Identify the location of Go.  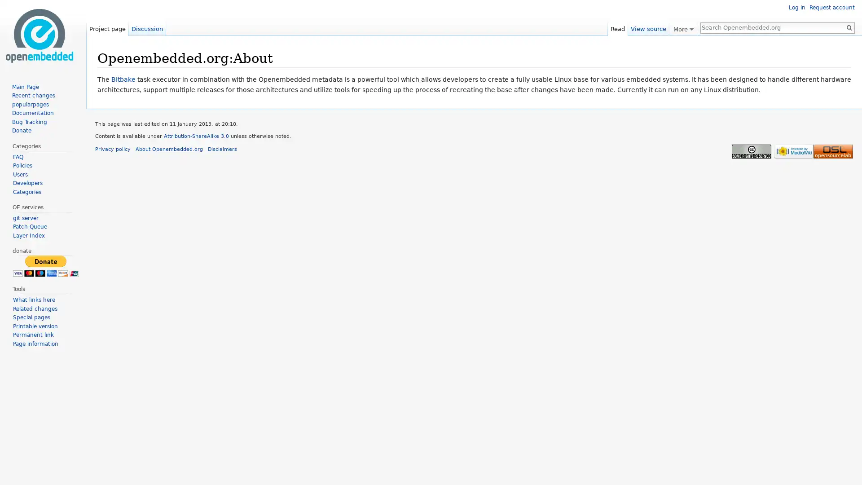
(849, 27).